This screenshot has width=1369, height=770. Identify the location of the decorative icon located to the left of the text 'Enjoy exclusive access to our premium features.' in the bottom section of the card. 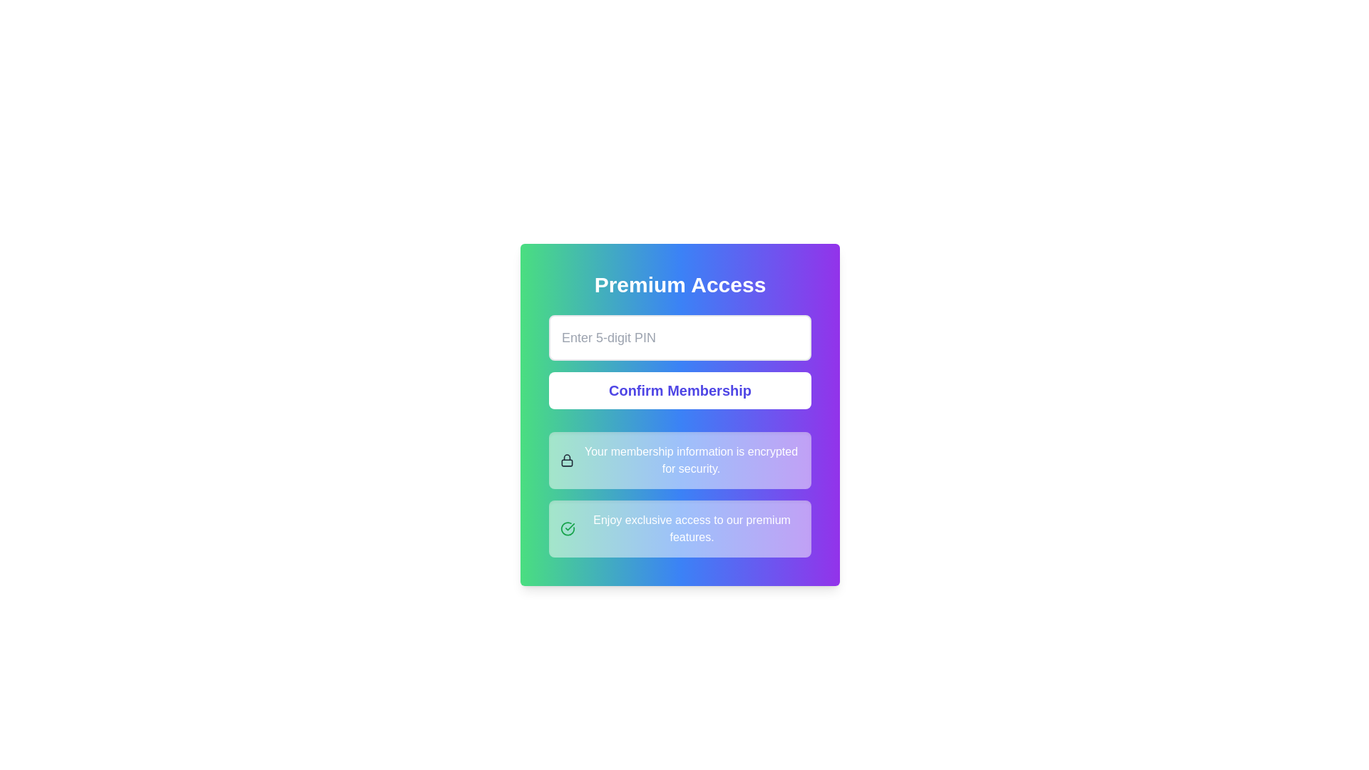
(567, 528).